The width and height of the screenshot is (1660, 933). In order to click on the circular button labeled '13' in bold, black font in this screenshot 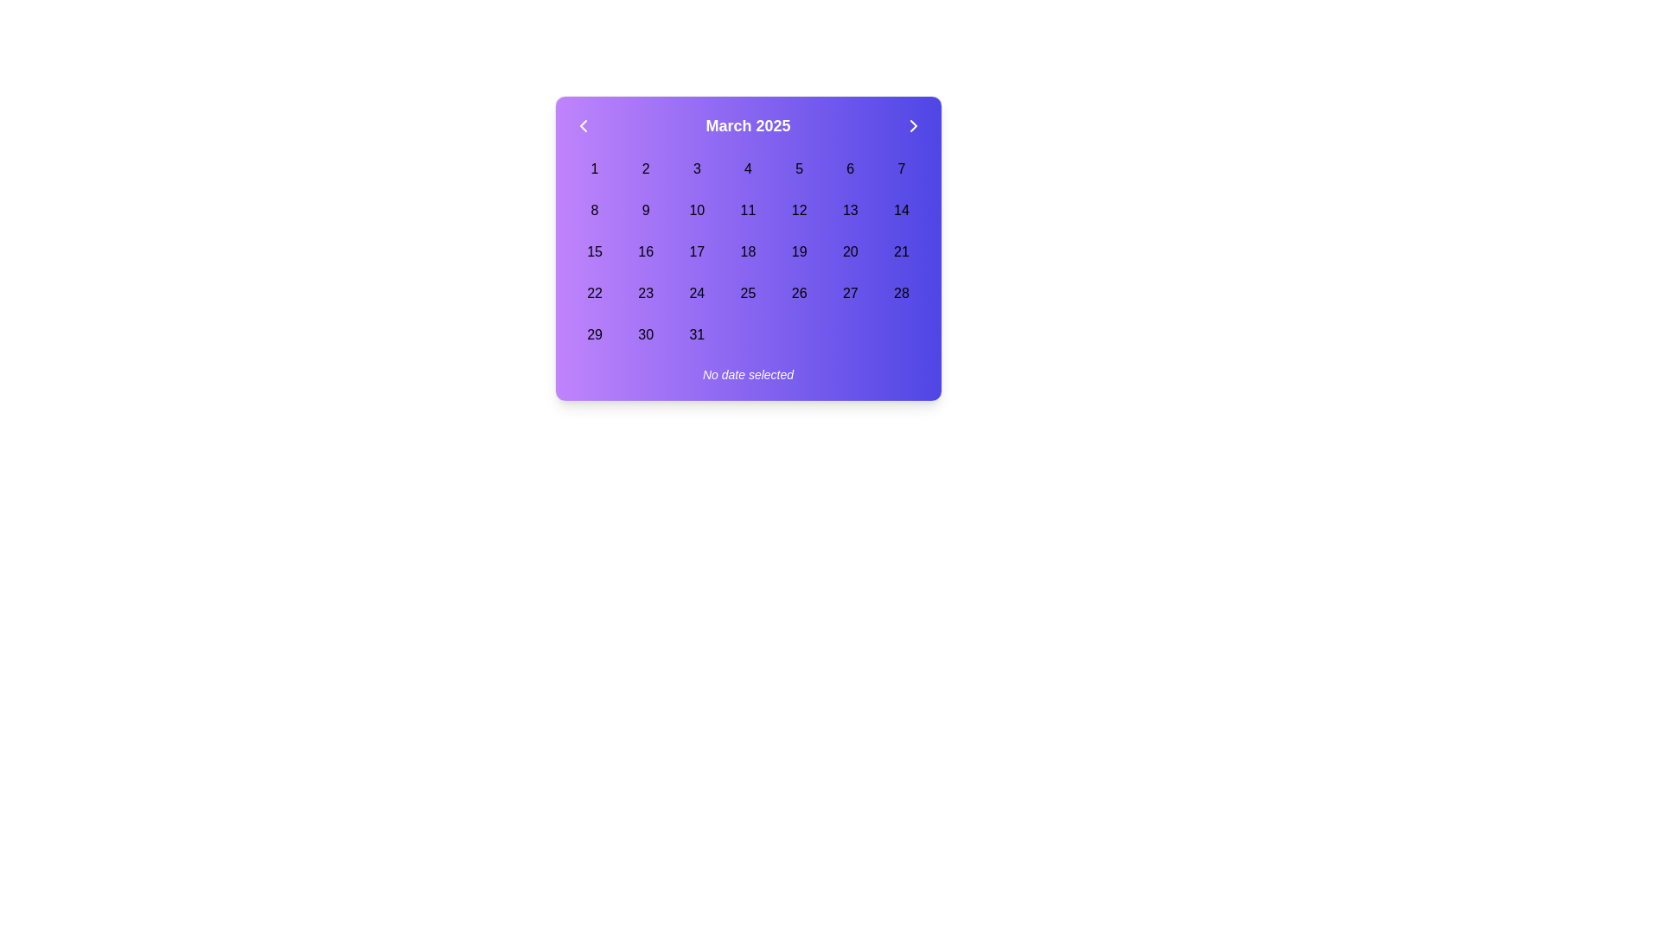, I will do `click(850, 209)`.